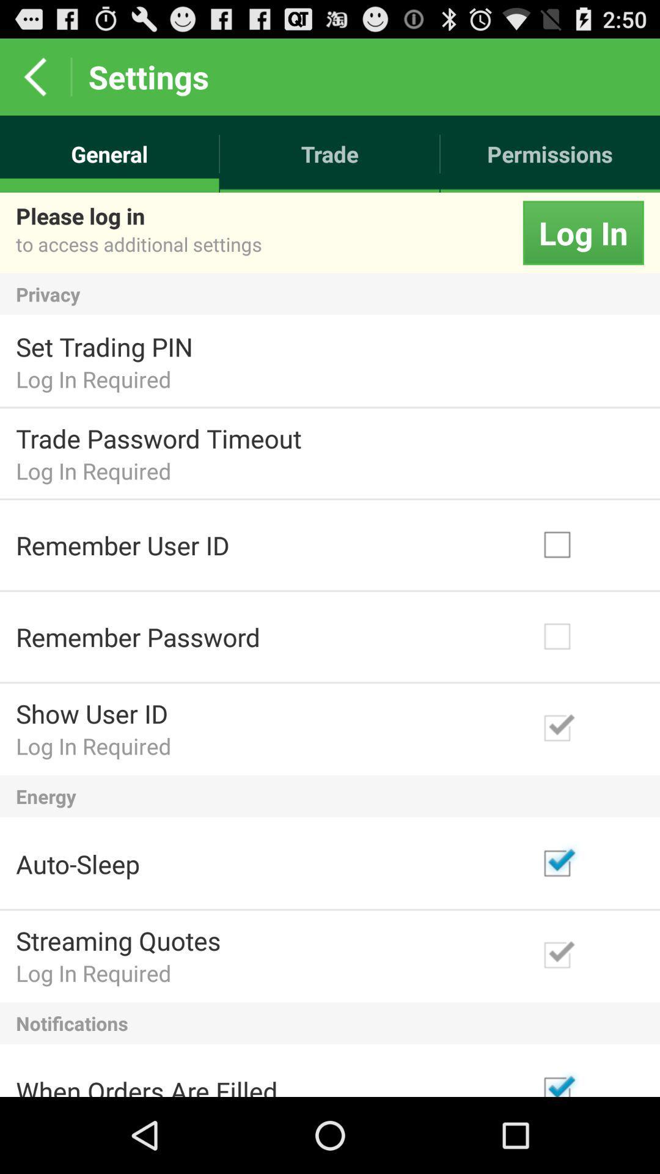 This screenshot has width=660, height=1174. What do you see at coordinates (330, 796) in the screenshot?
I see `the app below log in required icon` at bounding box center [330, 796].